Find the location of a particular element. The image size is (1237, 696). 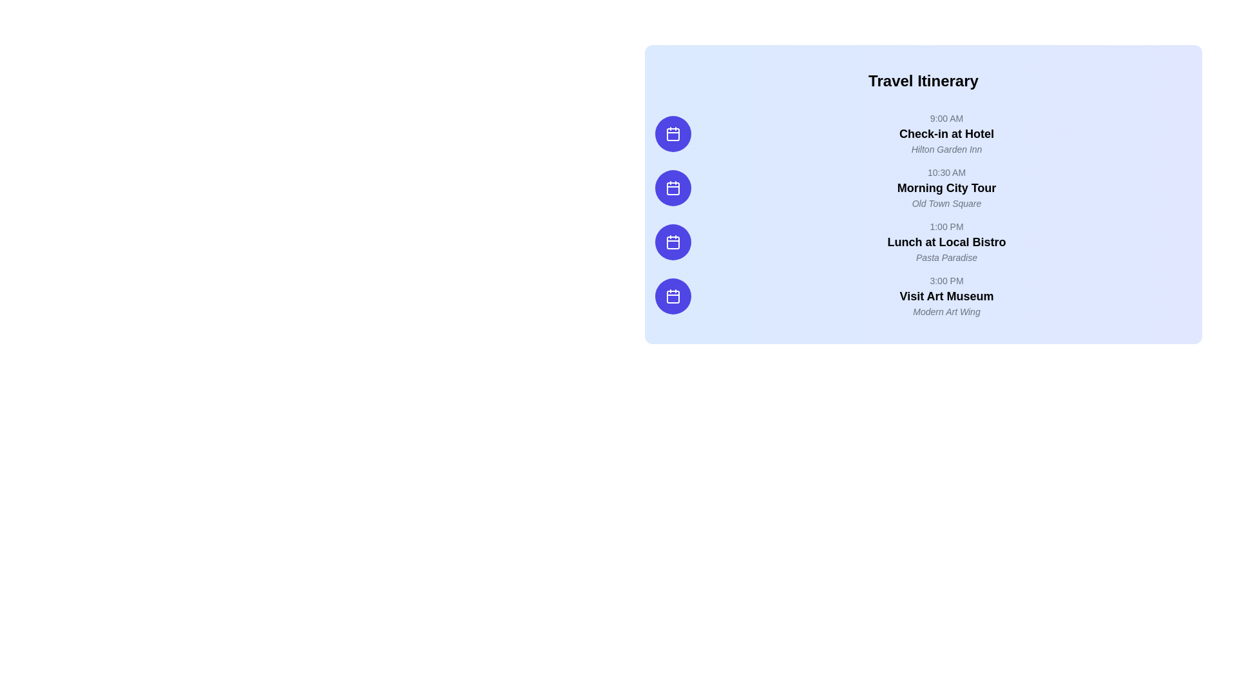

the circular blue button with a white calendar icon is located at coordinates (673, 296).